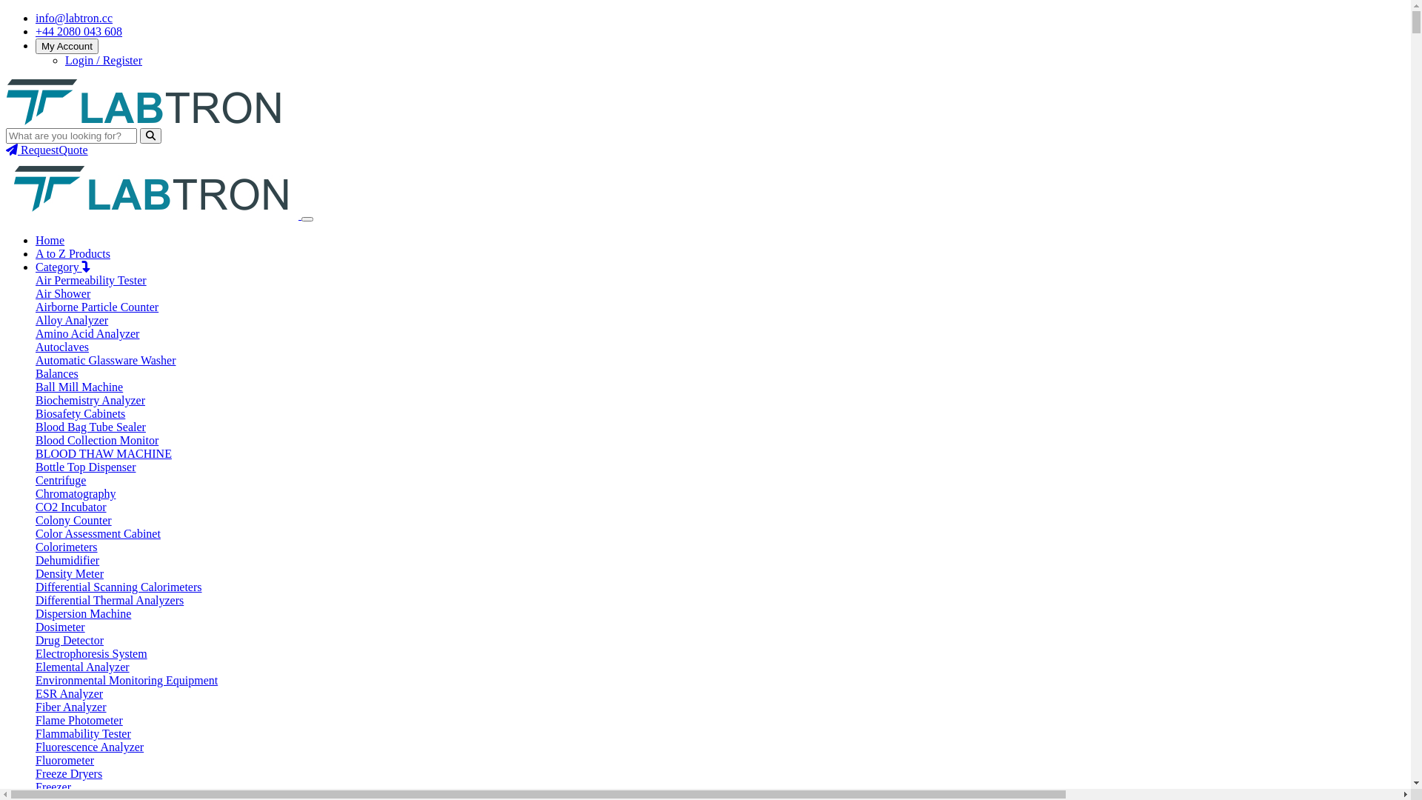 This screenshot has width=1422, height=800. What do you see at coordinates (66, 547) in the screenshot?
I see `'Colorimeters'` at bounding box center [66, 547].